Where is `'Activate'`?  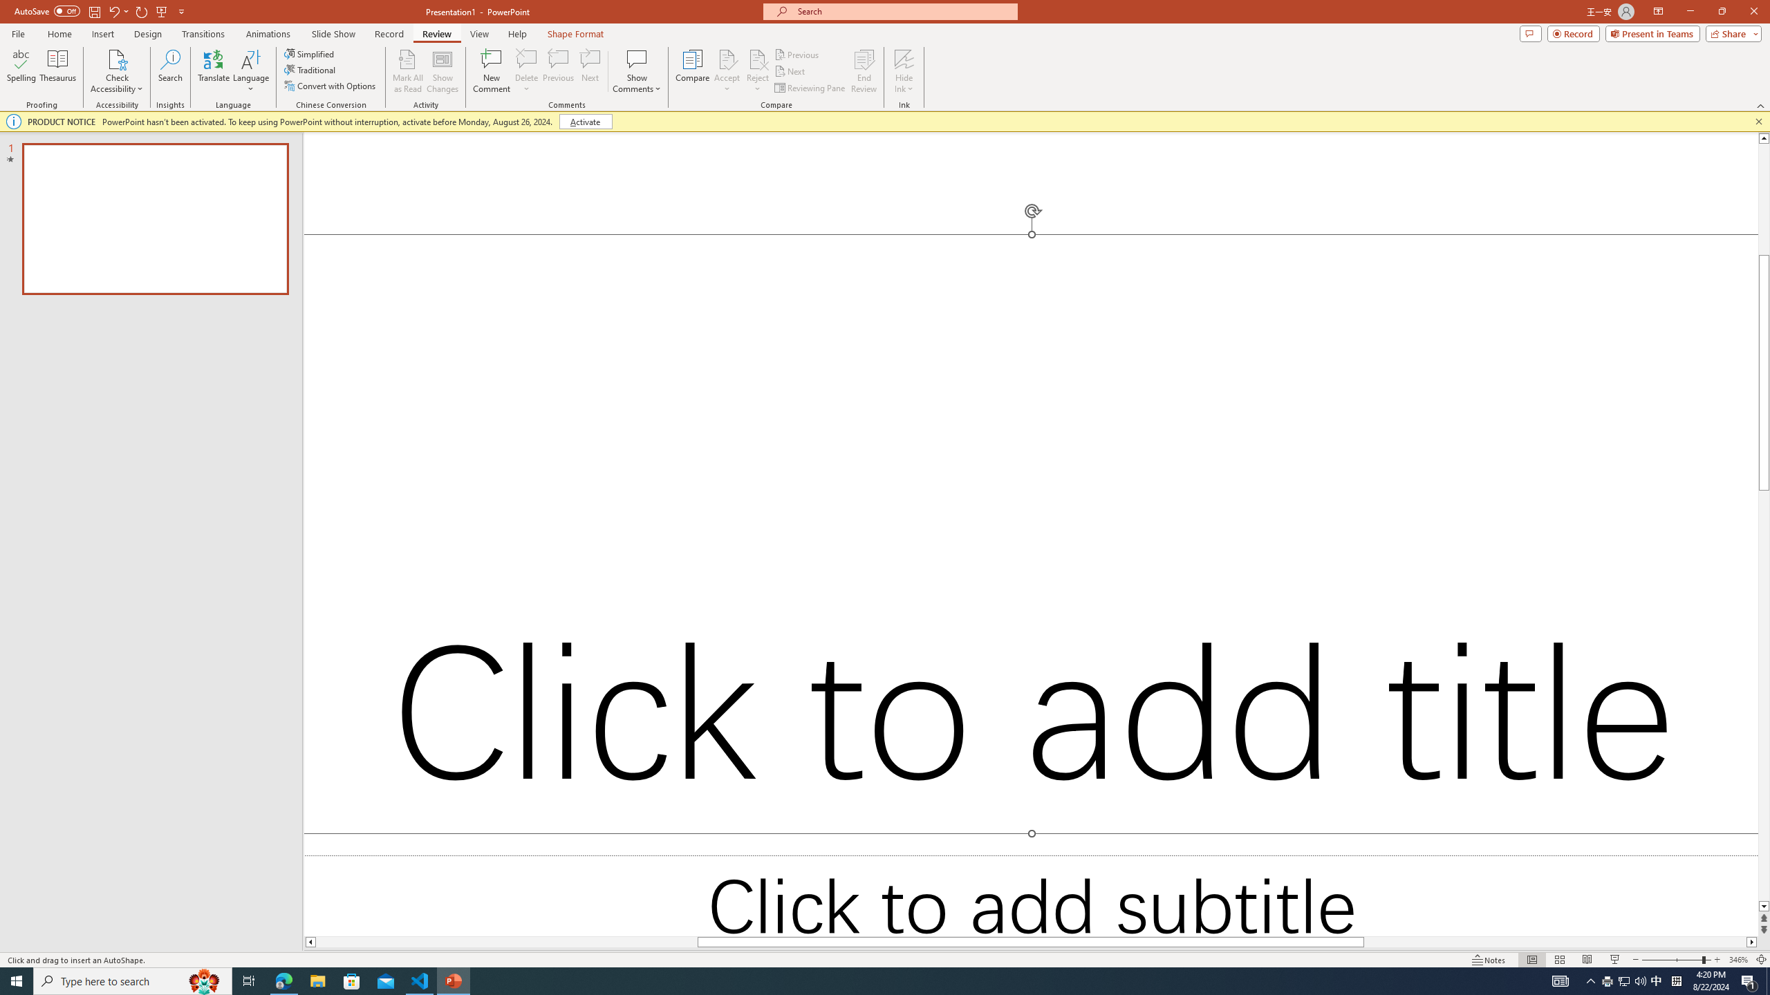
'Activate' is located at coordinates (586, 122).